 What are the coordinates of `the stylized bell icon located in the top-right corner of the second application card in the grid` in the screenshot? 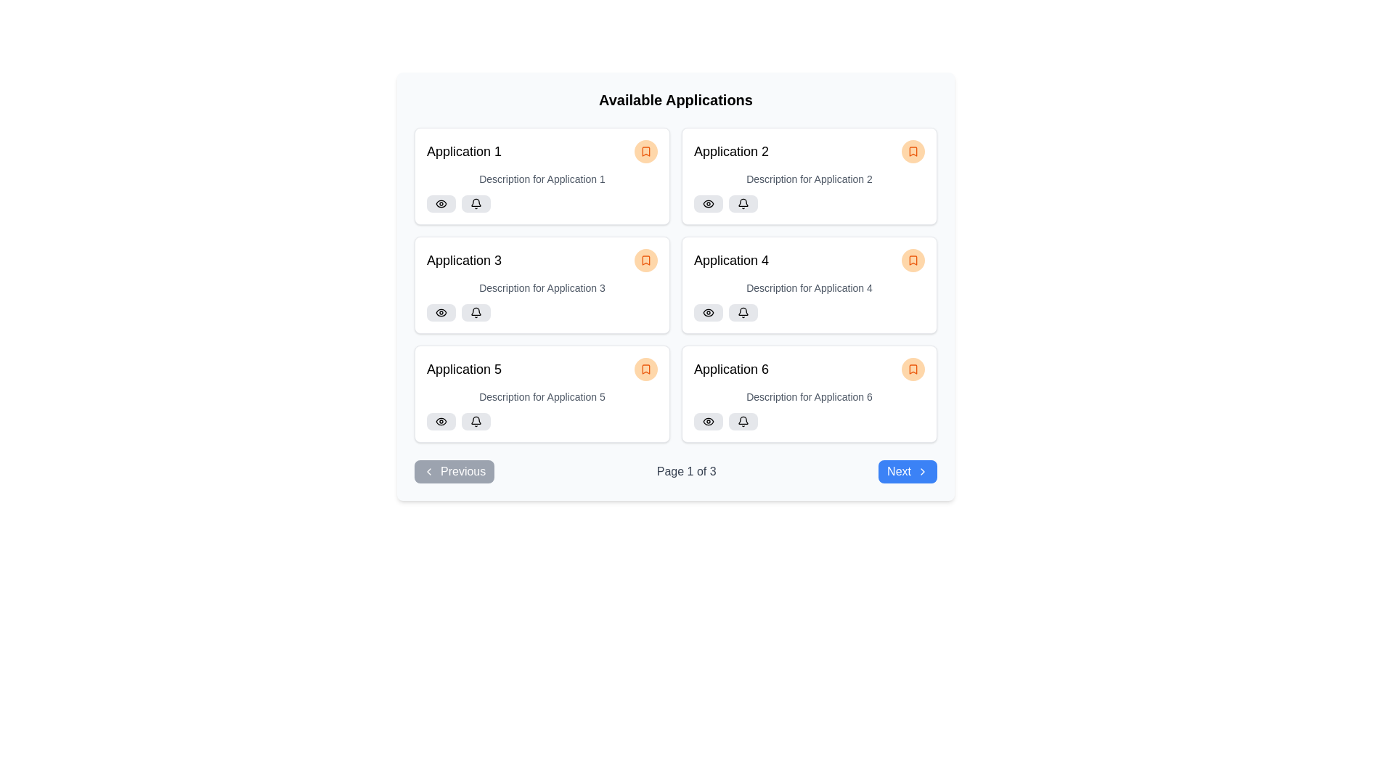 It's located at (743, 203).